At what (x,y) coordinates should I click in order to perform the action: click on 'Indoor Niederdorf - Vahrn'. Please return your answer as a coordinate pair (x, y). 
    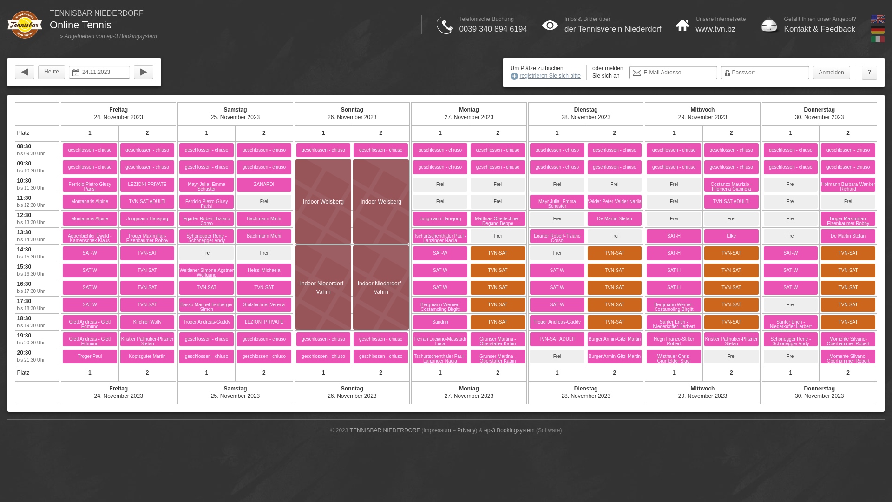
    Looking at the image, I should click on (380, 287).